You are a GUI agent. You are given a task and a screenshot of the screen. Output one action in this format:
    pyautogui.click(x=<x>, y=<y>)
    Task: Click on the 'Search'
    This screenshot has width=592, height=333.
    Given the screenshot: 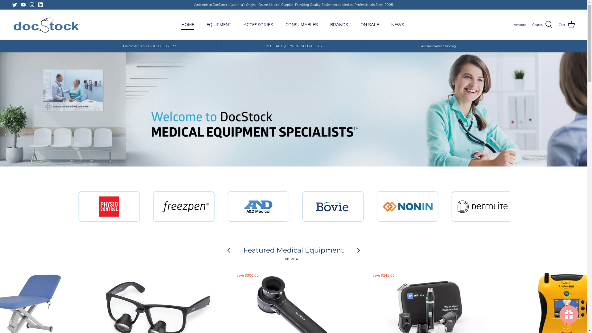 What is the action you would take?
    pyautogui.click(x=542, y=24)
    